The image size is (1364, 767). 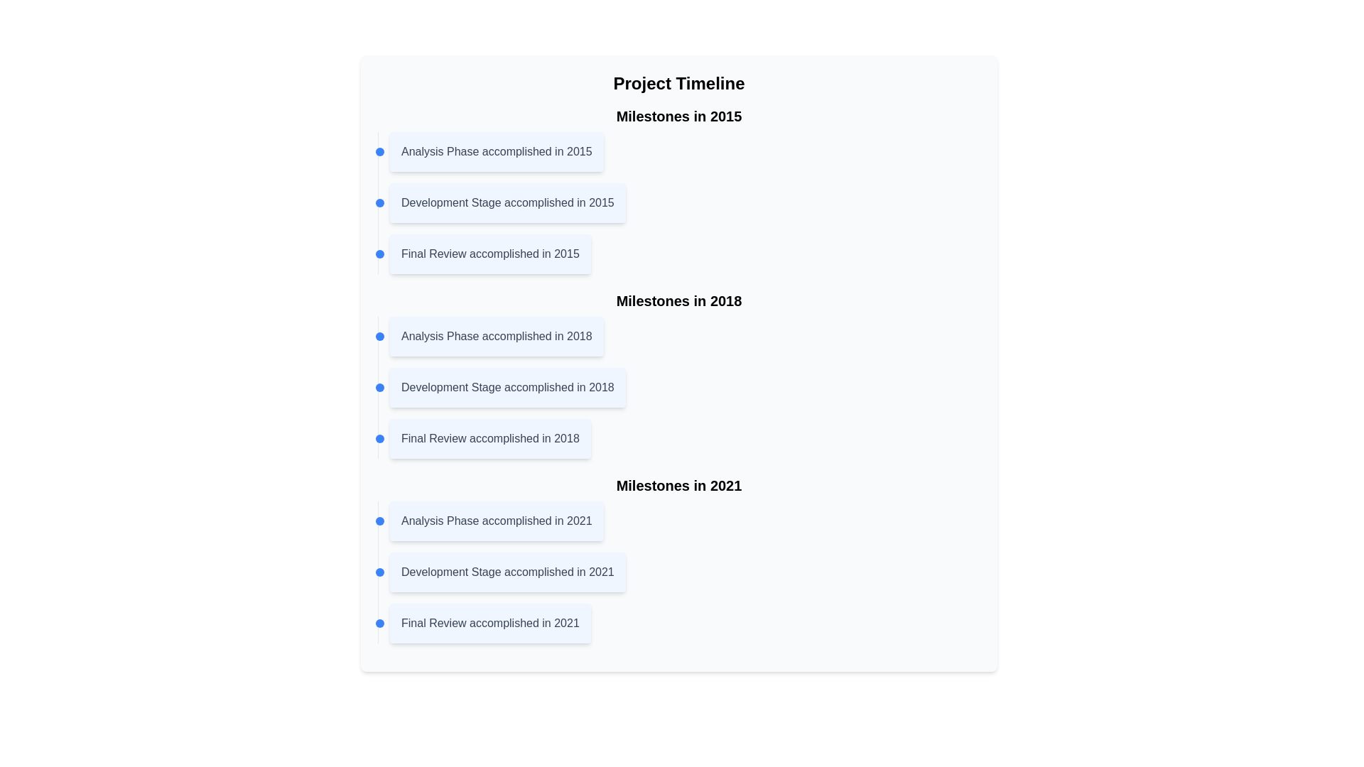 I want to click on text block that serves as a descriptor for a milestone in the timeline, specifically the first entry under 'Milestones in 2018', so click(x=497, y=337).